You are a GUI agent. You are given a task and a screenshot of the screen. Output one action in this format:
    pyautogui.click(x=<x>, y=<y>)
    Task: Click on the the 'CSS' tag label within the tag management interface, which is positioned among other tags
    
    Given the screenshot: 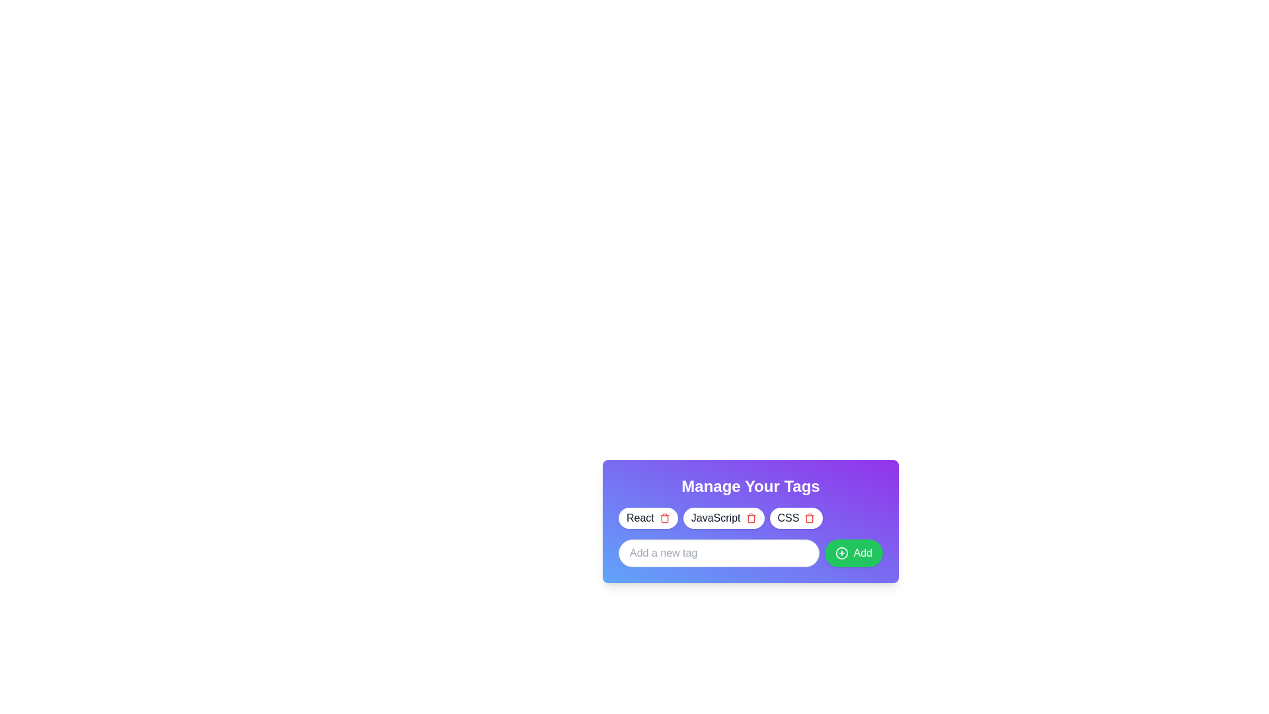 What is the action you would take?
    pyautogui.click(x=788, y=517)
    